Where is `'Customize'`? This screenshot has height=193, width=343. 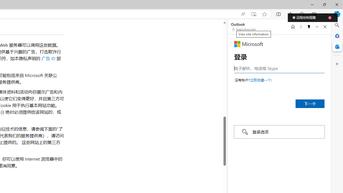
'Customize' is located at coordinates (337, 64).